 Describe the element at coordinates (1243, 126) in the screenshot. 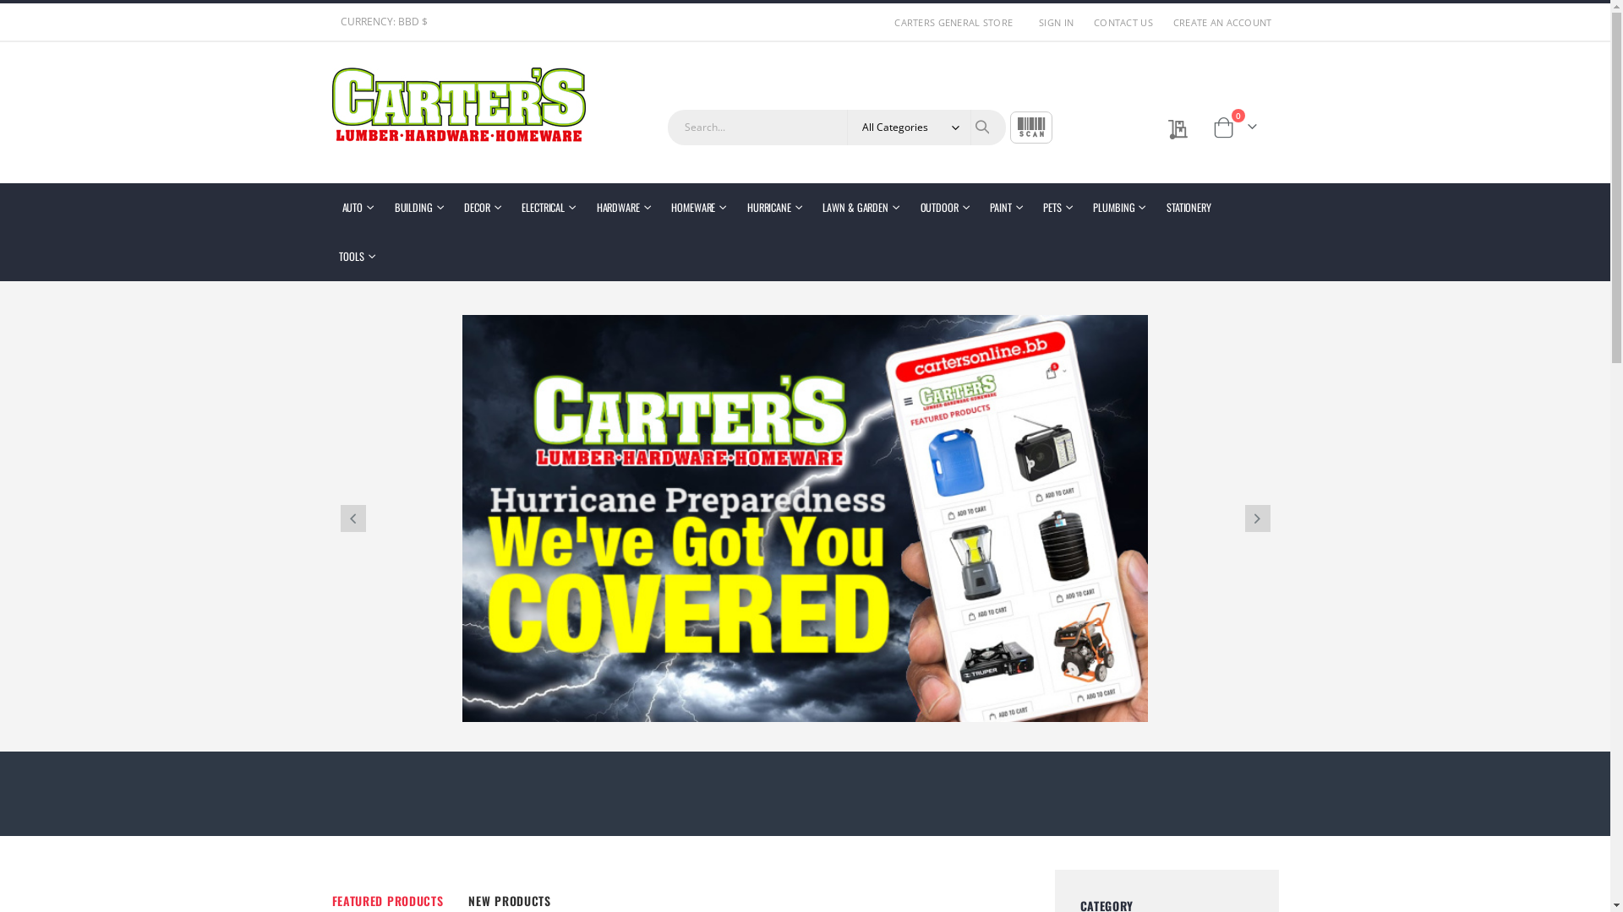

I see `'Cart` at that location.